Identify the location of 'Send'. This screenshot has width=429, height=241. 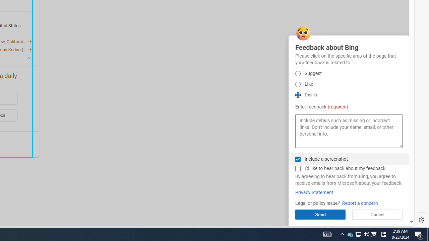
(320, 214).